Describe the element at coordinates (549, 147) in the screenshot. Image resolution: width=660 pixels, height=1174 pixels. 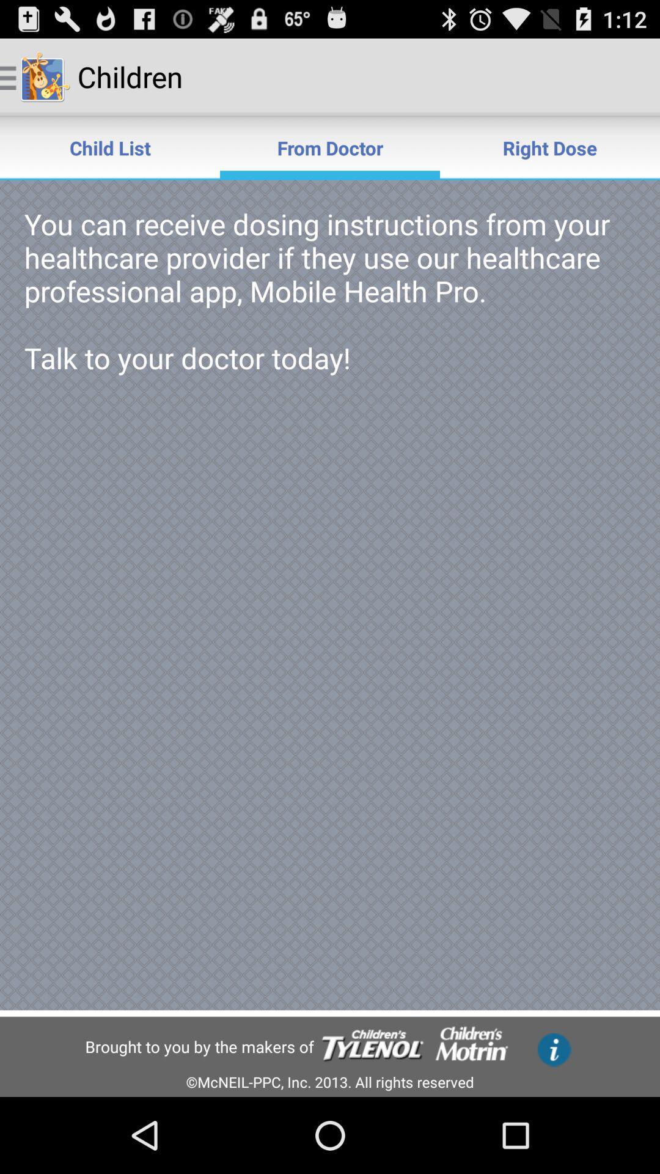
I see `icon next to from doctor item` at that location.